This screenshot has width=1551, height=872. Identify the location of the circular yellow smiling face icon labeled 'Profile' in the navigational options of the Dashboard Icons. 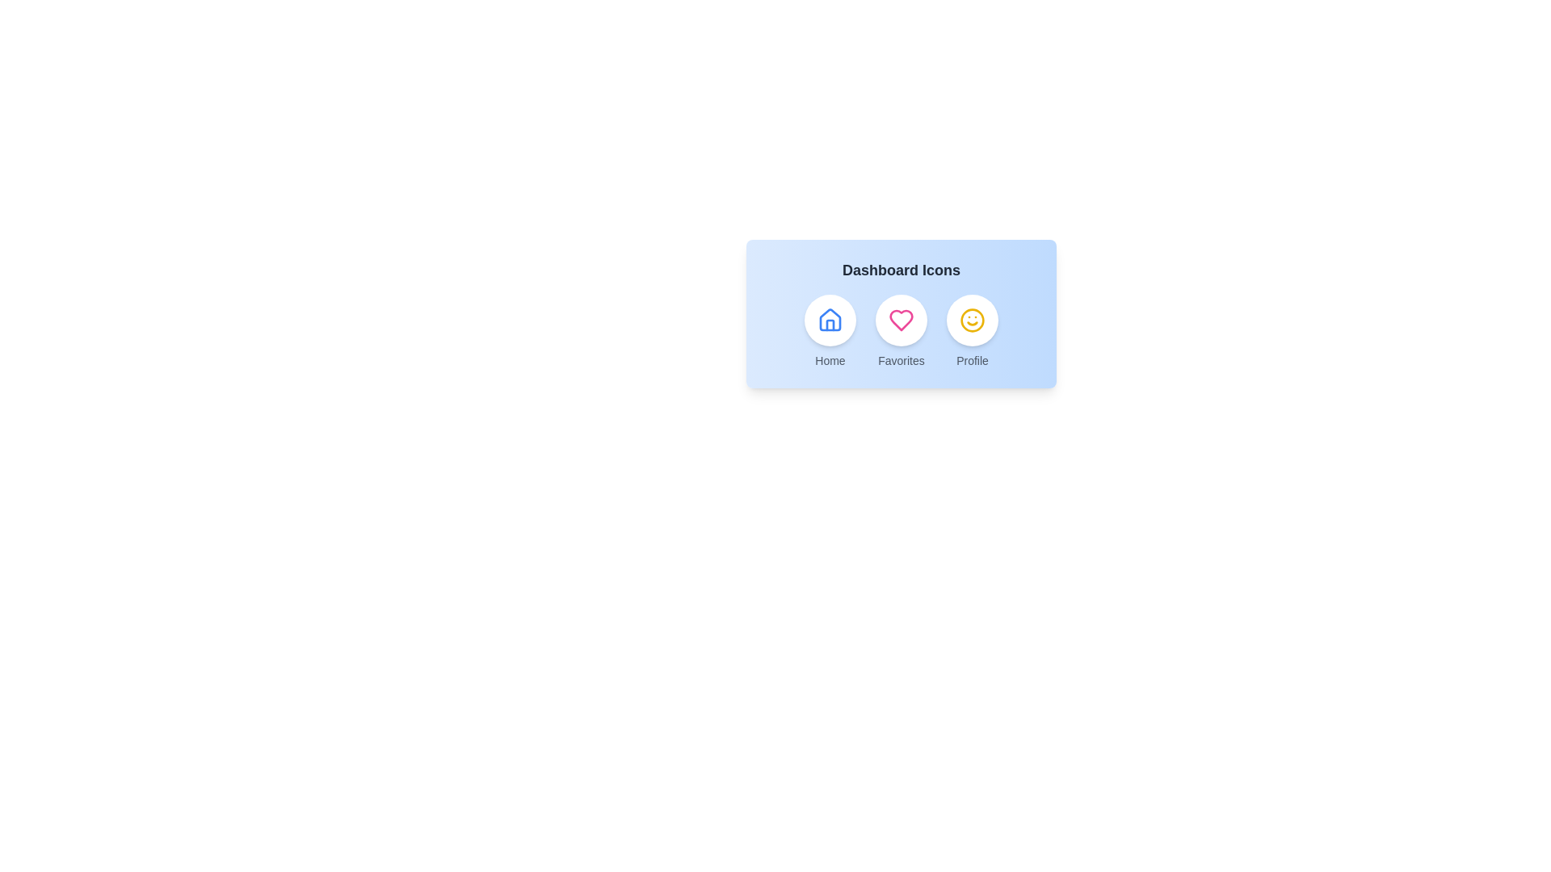
(972, 331).